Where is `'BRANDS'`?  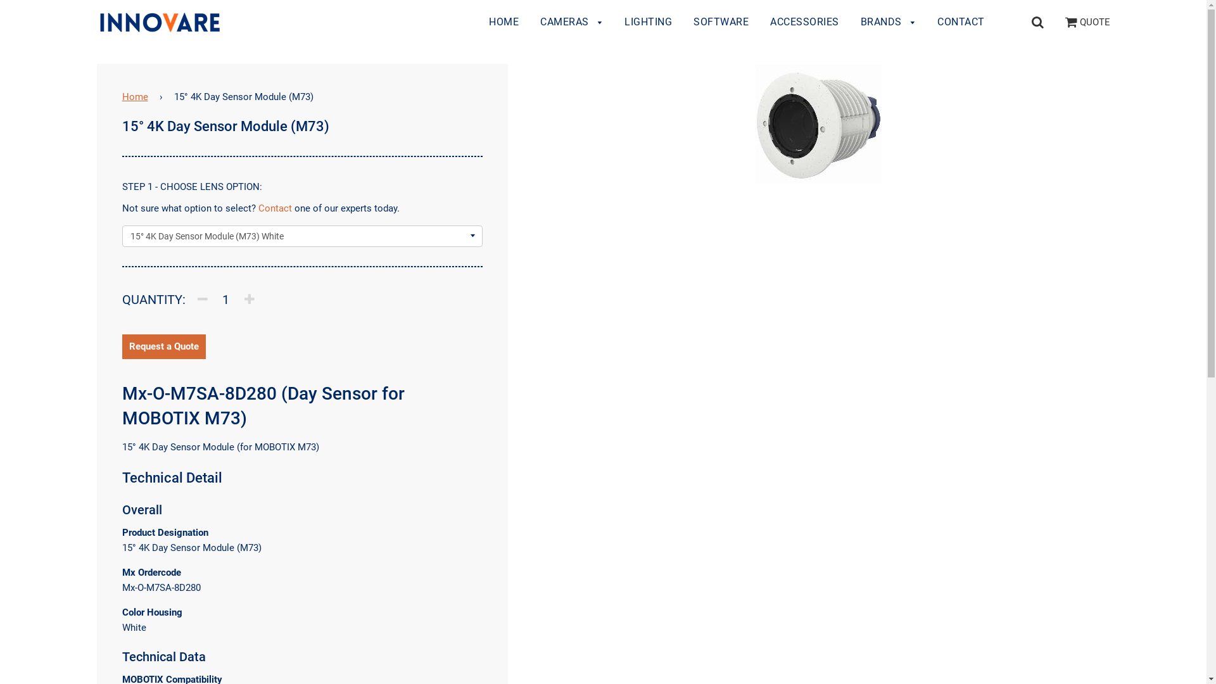 'BRANDS' is located at coordinates (851, 22).